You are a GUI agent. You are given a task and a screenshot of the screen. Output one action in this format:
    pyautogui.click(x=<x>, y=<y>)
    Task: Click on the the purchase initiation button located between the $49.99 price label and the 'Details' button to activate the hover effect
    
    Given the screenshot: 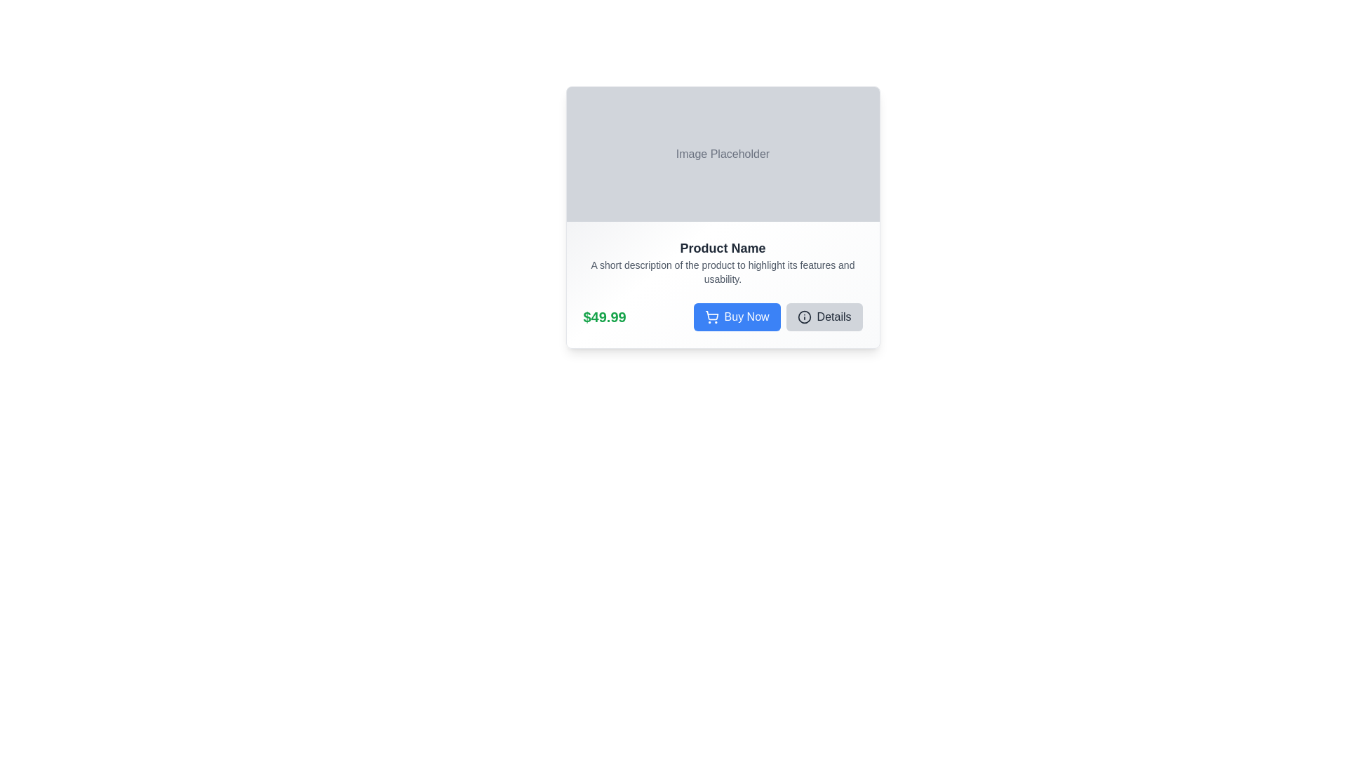 What is the action you would take?
    pyautogui.click(x=736, y=317)
    